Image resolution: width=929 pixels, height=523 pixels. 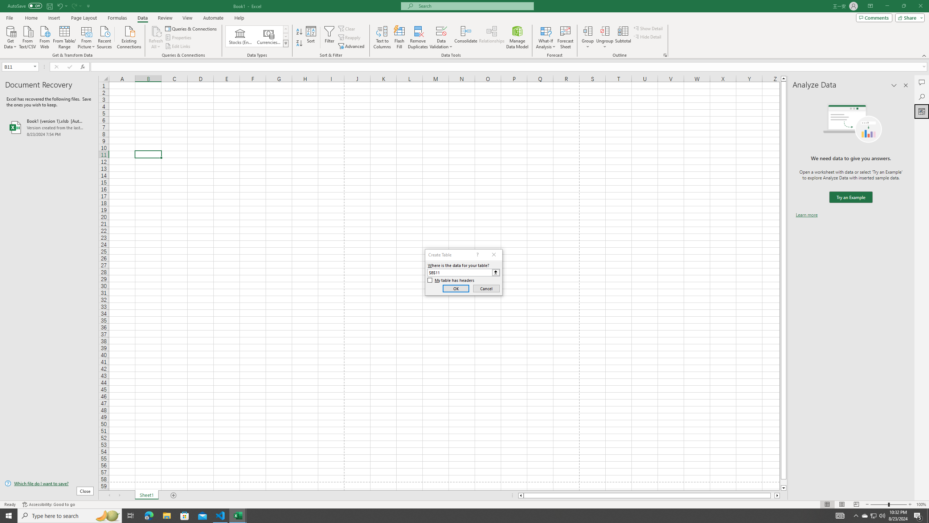 What do you see at coordinates (466, 37) in the screenshot?
I see `'Consolidate...'` at bounding box center [466, 37].